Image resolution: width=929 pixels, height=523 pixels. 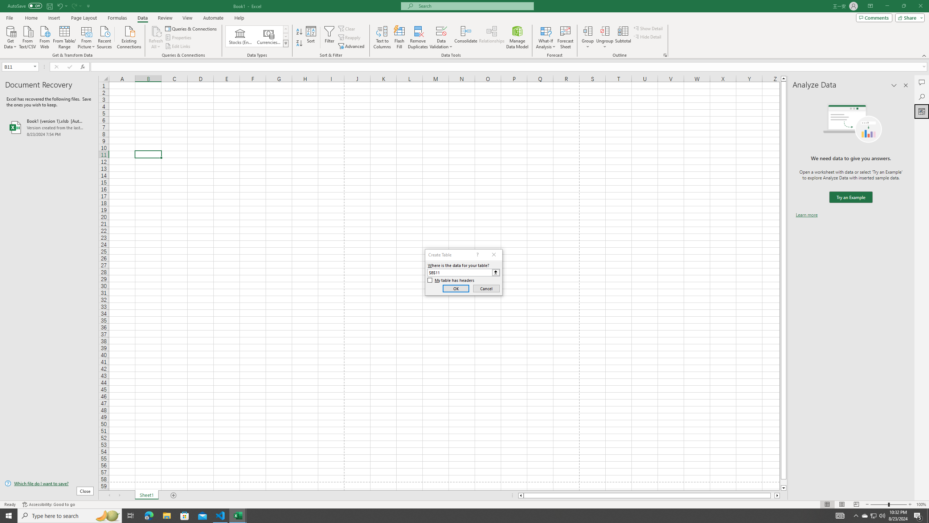 What do you see at coordinates (466, 37) in the screenshot?
I see `'Consolidate...'` at bounding box center [466, 37].